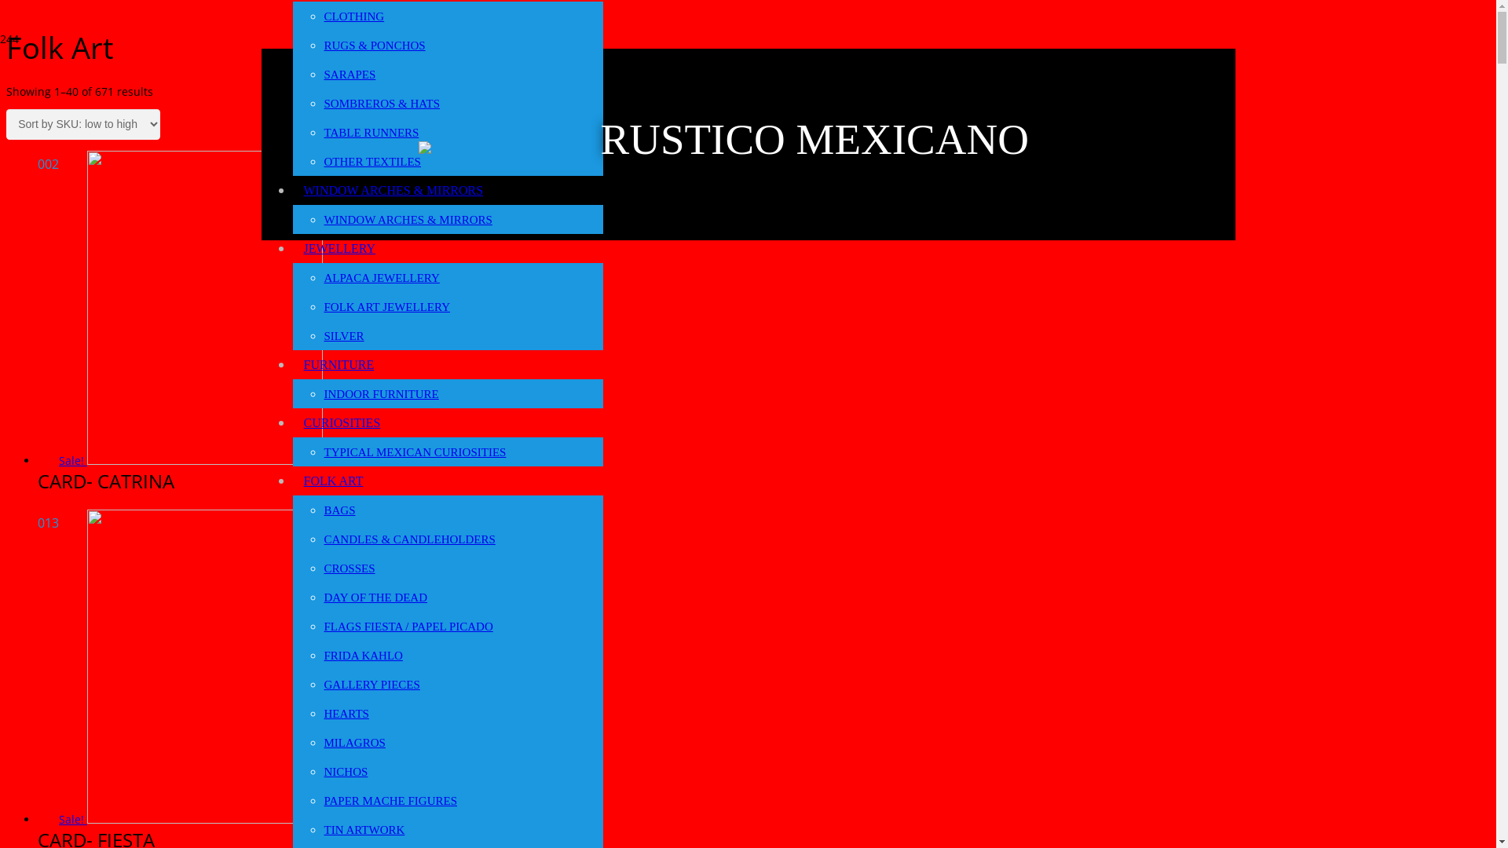 Image resolution: width=1508 pixels, height=848 pixels. Describe the element at coordinates (390, 800) in the screenshot. I see `'PAPER MACHE FIGURES'` at that location.